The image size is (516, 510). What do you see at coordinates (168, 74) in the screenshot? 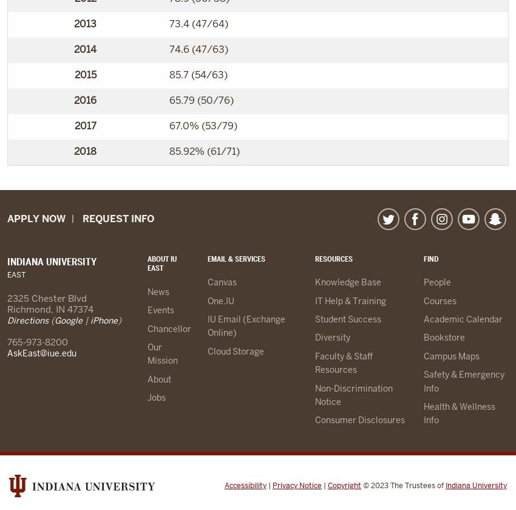
I see `'85.7 (54/63)'` at bounding box center [168, 74].